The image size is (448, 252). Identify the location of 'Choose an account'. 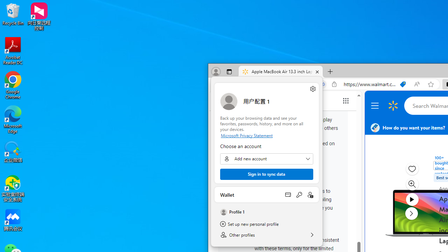
(266, 159).